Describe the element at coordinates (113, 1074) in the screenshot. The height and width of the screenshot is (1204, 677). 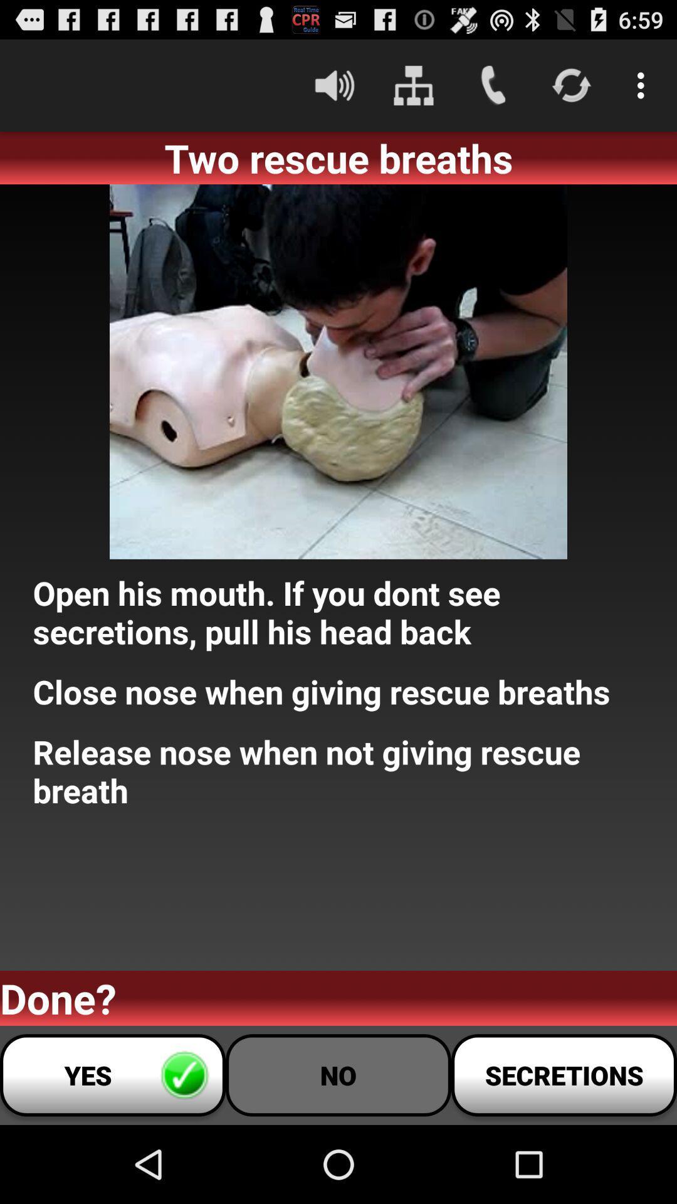
I see `yes` at that location.